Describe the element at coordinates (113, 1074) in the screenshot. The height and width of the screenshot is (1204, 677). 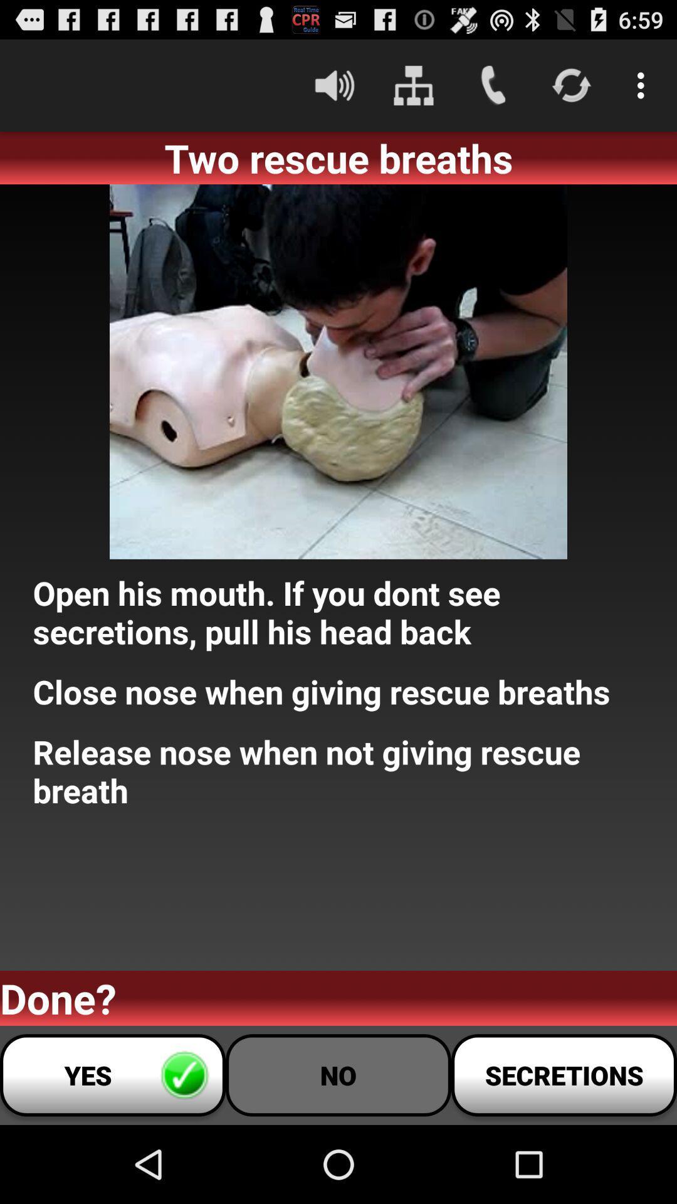
I see `yes` at that location.